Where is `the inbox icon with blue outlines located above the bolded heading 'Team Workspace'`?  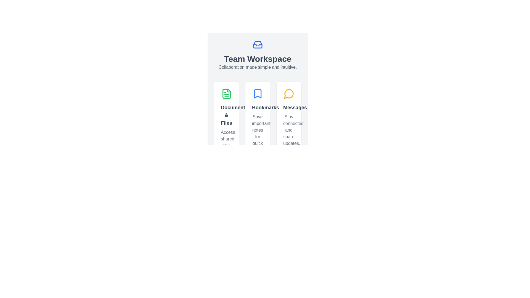
the inbox icon with blue outlines located above the bolded heading 'Team Workspace' is located at coordinates (257, 44).